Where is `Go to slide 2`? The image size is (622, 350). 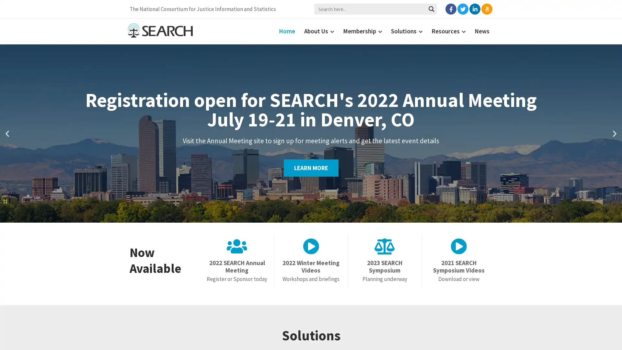 Go to slide 2 is located at coordinates (314, 216).